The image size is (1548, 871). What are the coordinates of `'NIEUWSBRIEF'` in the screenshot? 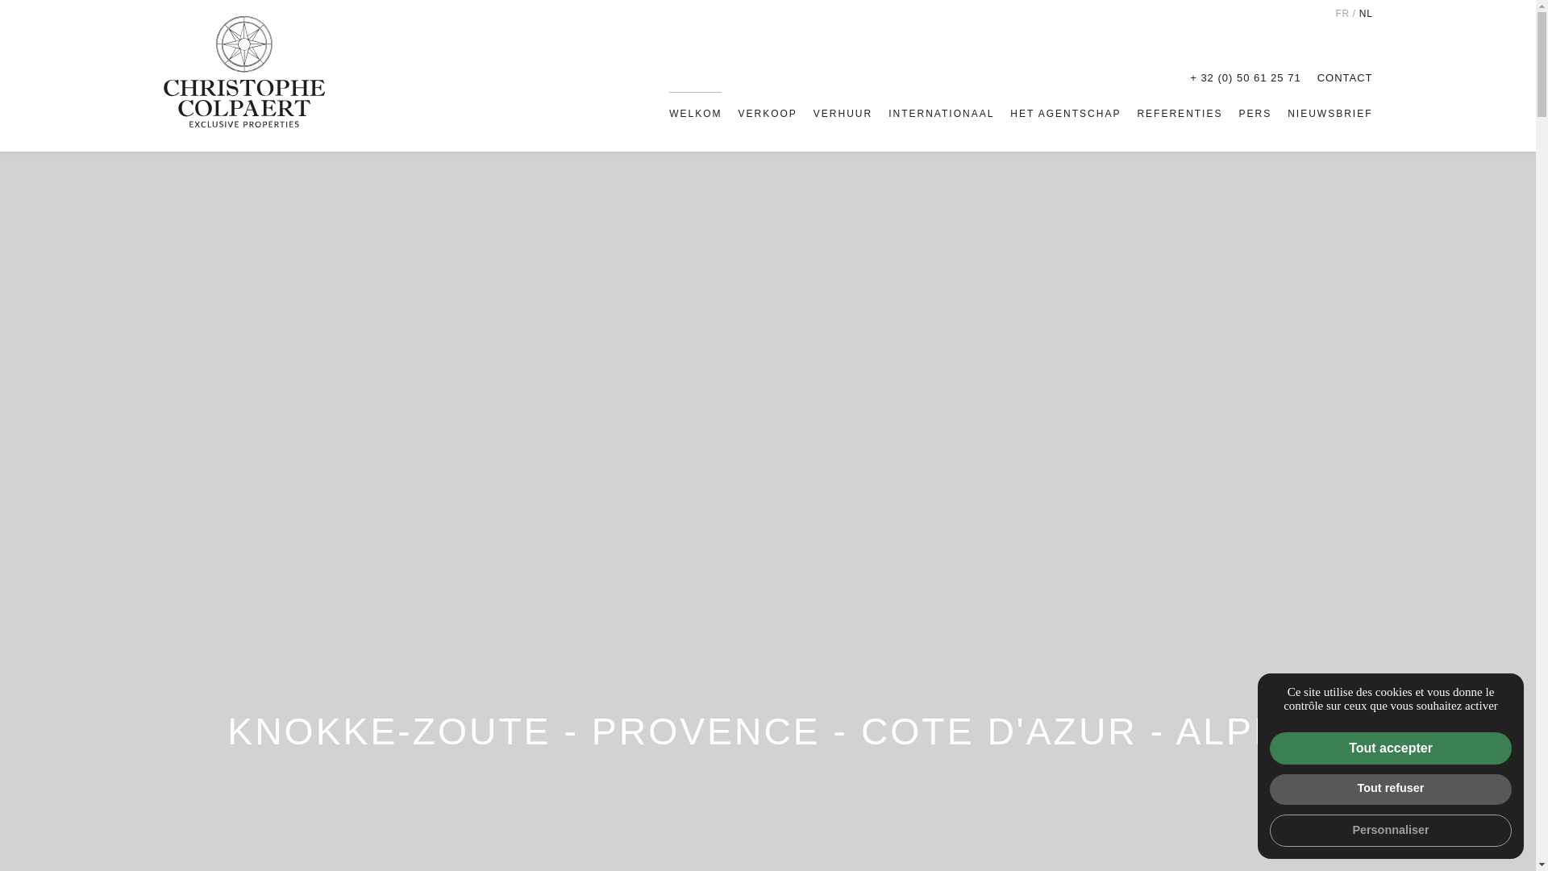 It's located at (1287, 113).